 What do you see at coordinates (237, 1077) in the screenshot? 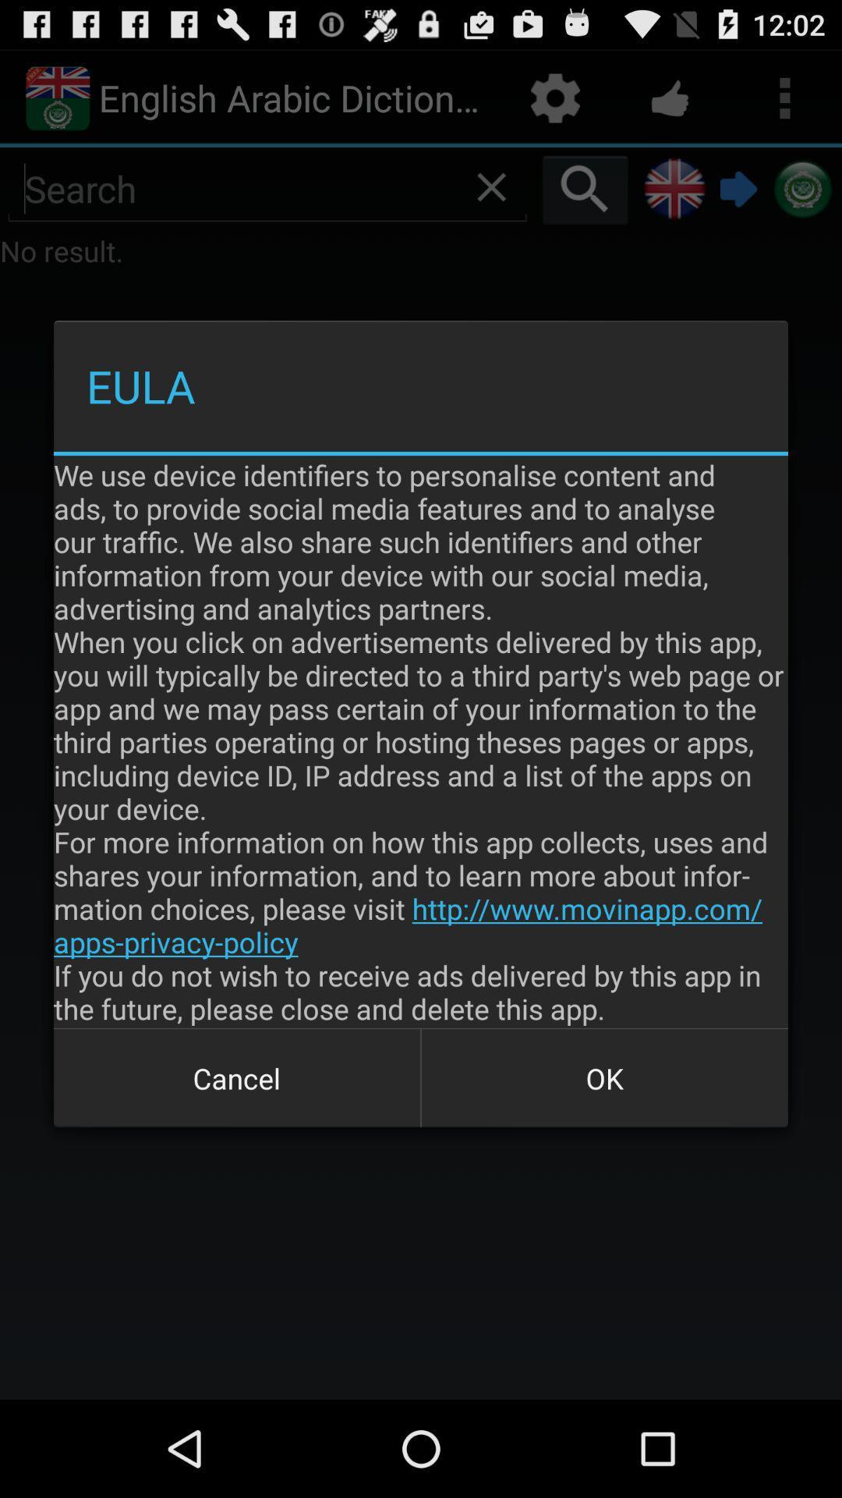
I see `the icon next to the ok icon` at bounding box center [237, 1077].